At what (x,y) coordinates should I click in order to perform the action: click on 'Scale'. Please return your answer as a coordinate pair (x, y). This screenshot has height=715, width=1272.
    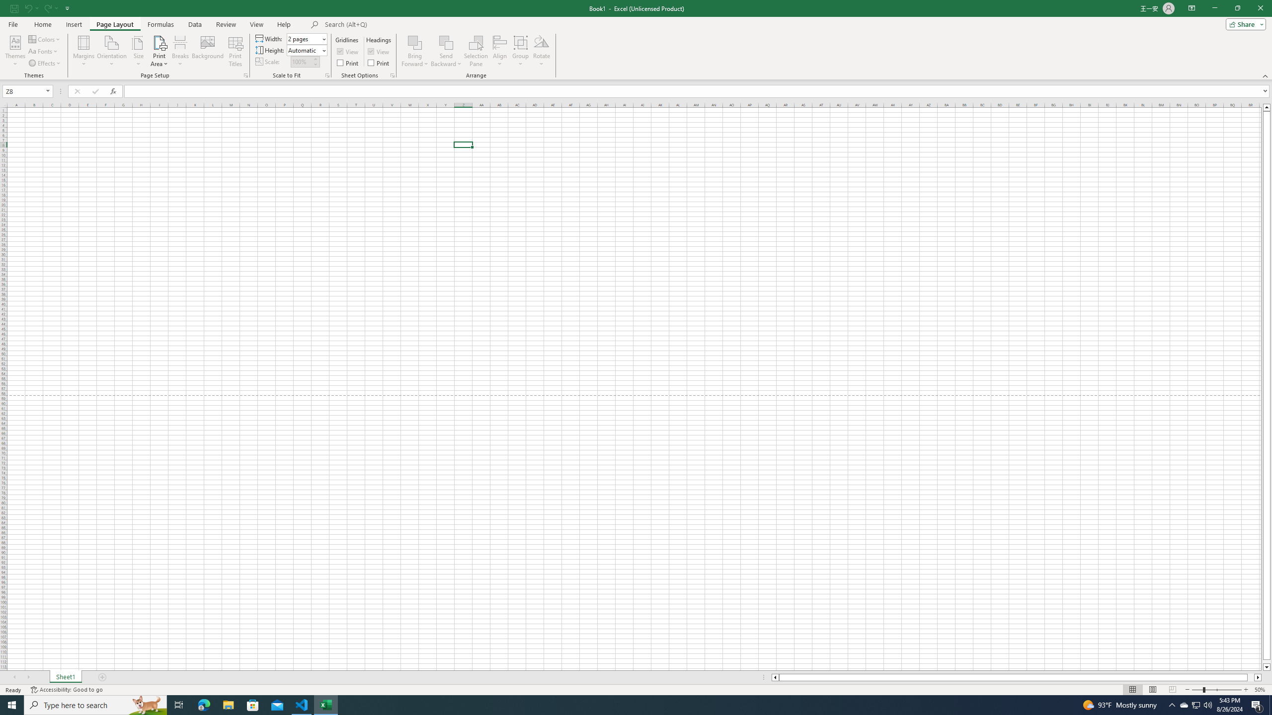
    Looking at the image, I should click on (301, 61).